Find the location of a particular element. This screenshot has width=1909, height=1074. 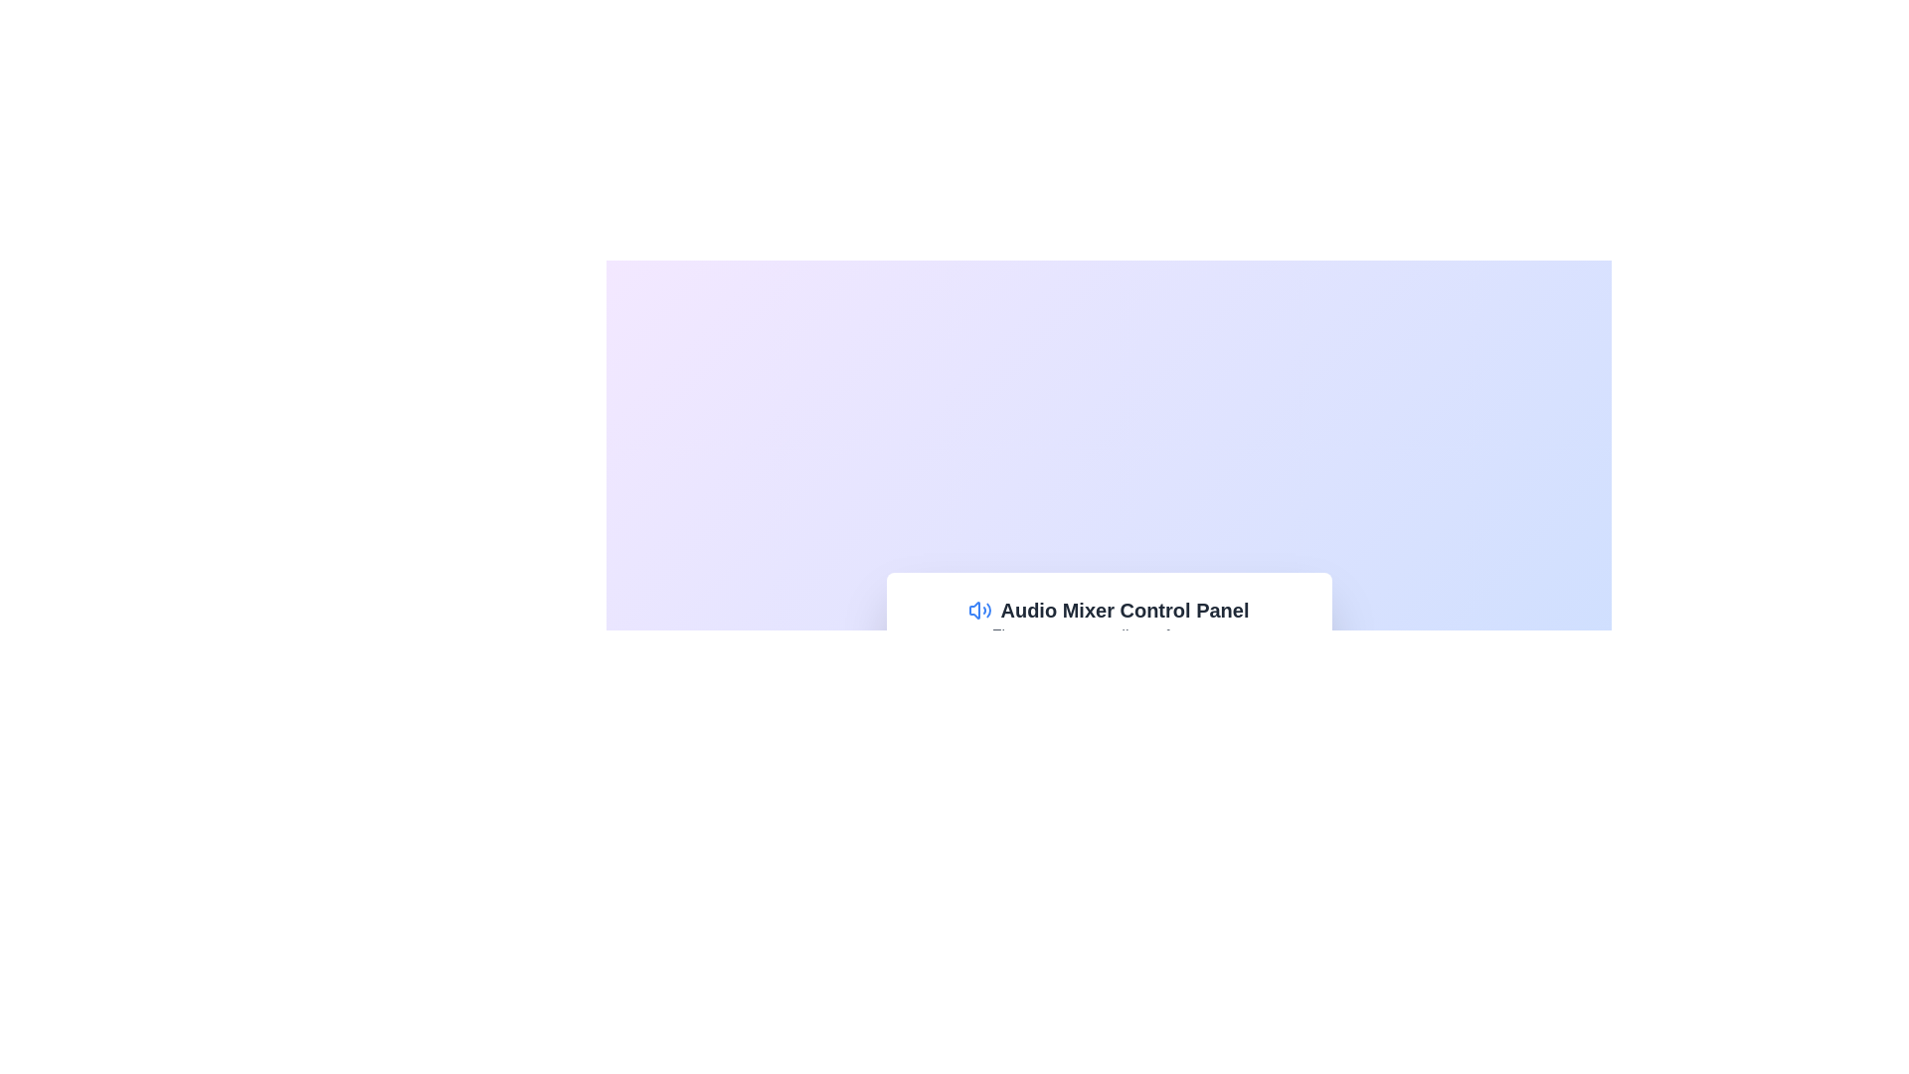

the blue and white speaker icon with sound waves, which is located to the left of the text 'Audio Mixer Control Panel' within the panel is located at coordinates (980, 609).